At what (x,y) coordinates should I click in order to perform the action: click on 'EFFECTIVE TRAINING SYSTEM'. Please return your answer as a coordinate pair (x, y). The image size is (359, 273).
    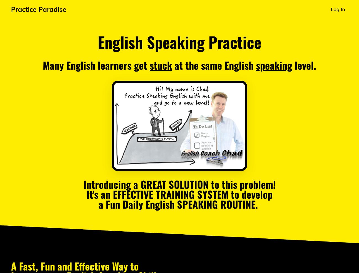
    Looking at the image, I should click on (171, 194).